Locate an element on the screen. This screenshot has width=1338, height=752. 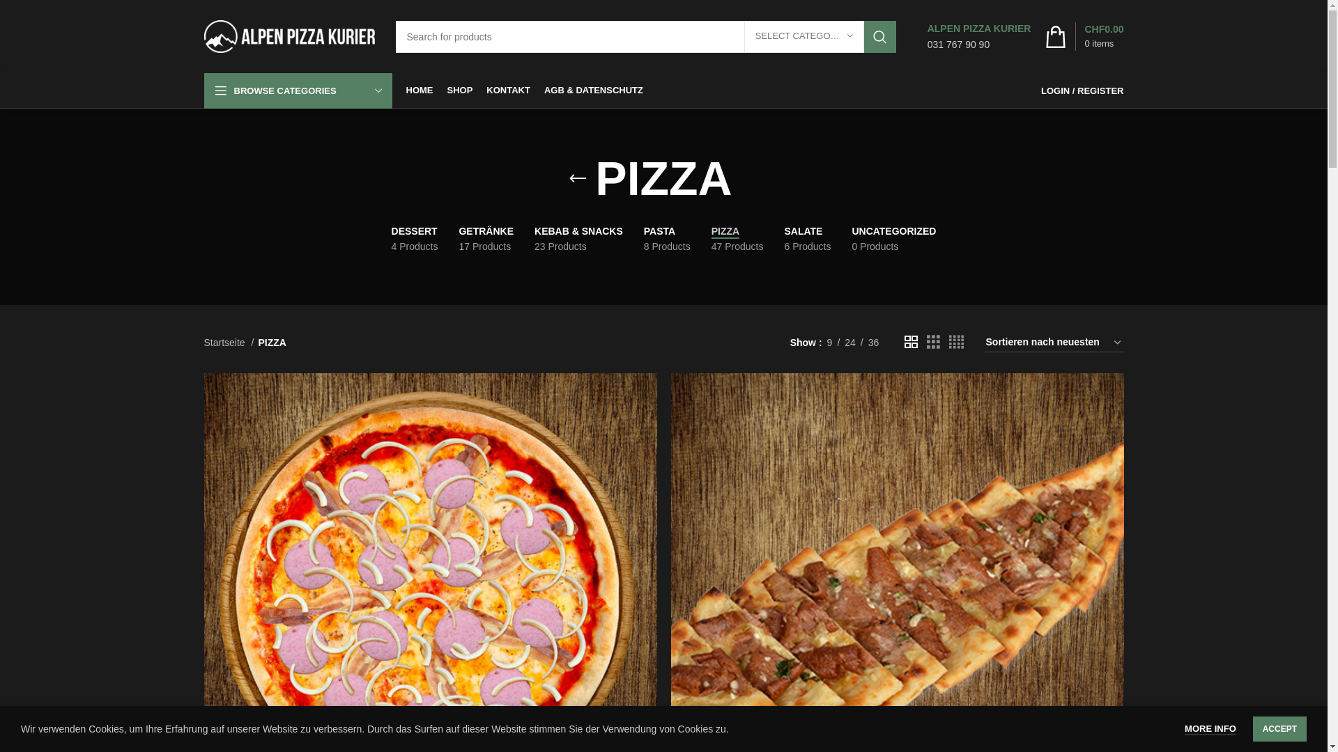
'KEBAB & SNACKS is located at coordinates (534, 238).